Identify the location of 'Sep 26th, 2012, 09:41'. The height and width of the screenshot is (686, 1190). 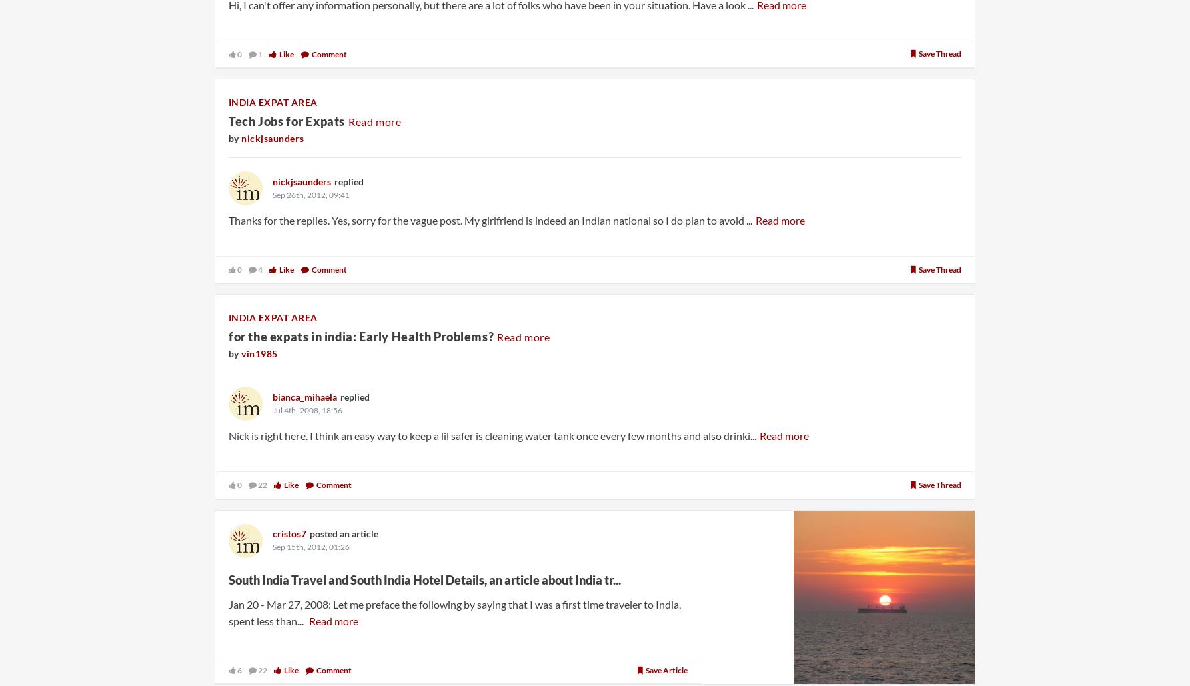
(311, 193).